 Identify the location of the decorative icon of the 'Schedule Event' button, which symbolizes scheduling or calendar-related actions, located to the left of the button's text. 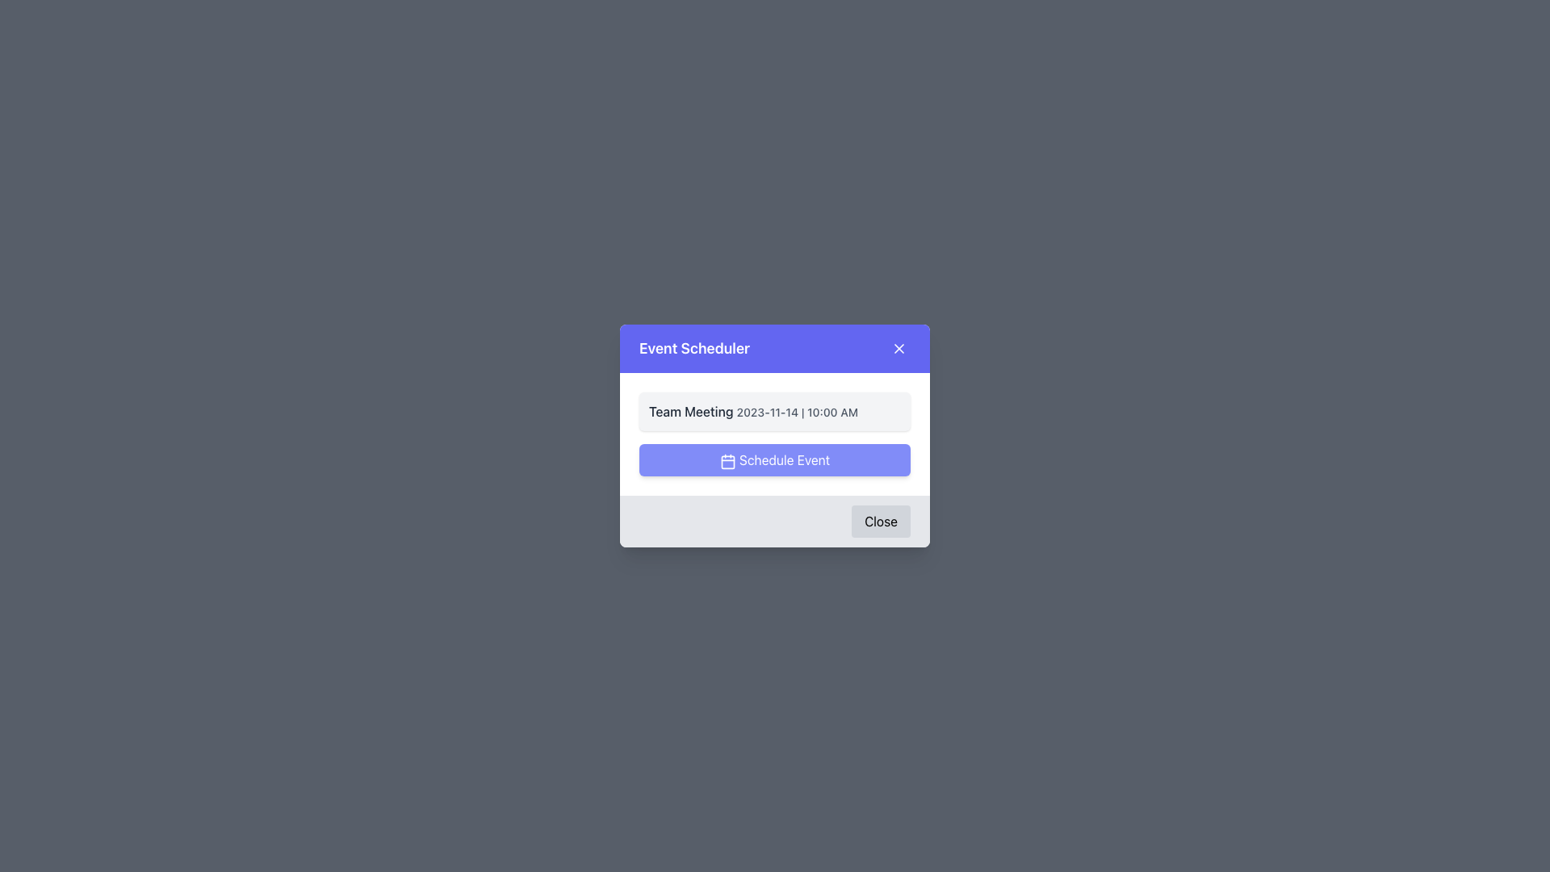
(727, 461).